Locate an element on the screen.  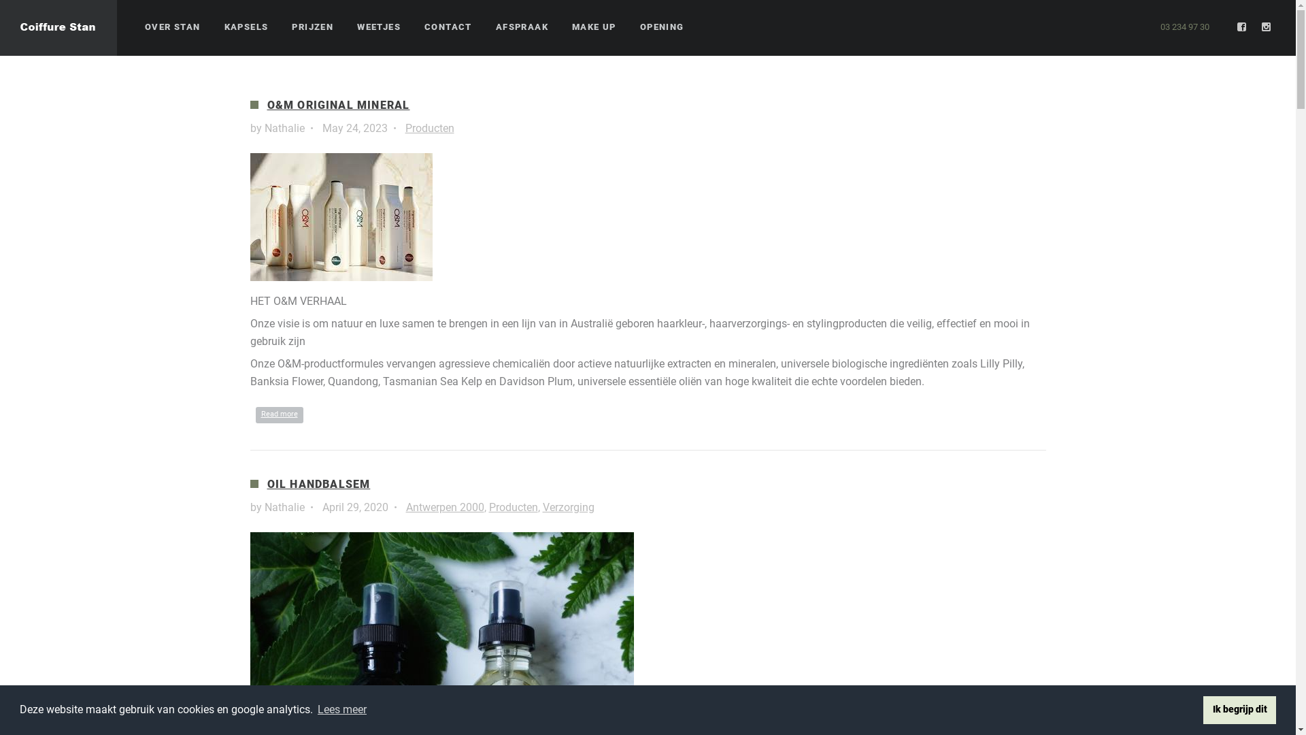
'03 234 97 30' is located at coordinates (1184, 27).